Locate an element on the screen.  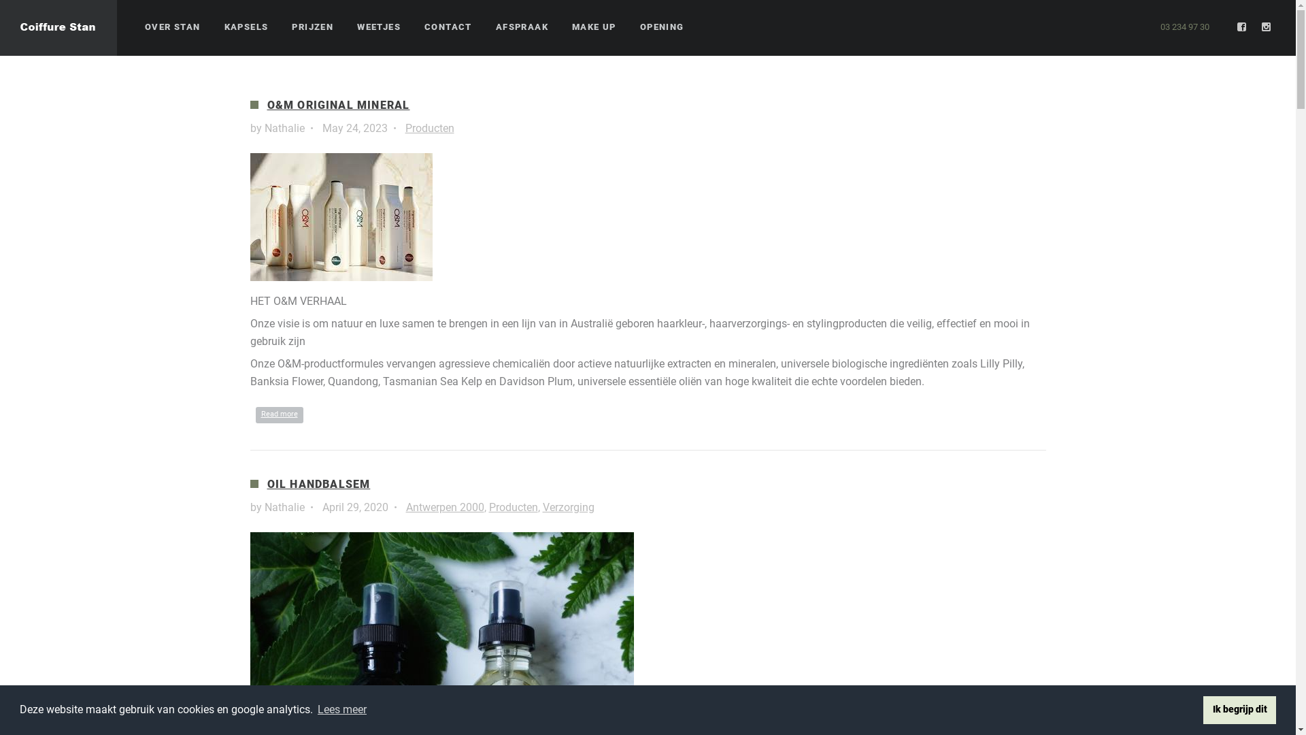
'03 234 97 30' is located at coordinates (1184, 27).